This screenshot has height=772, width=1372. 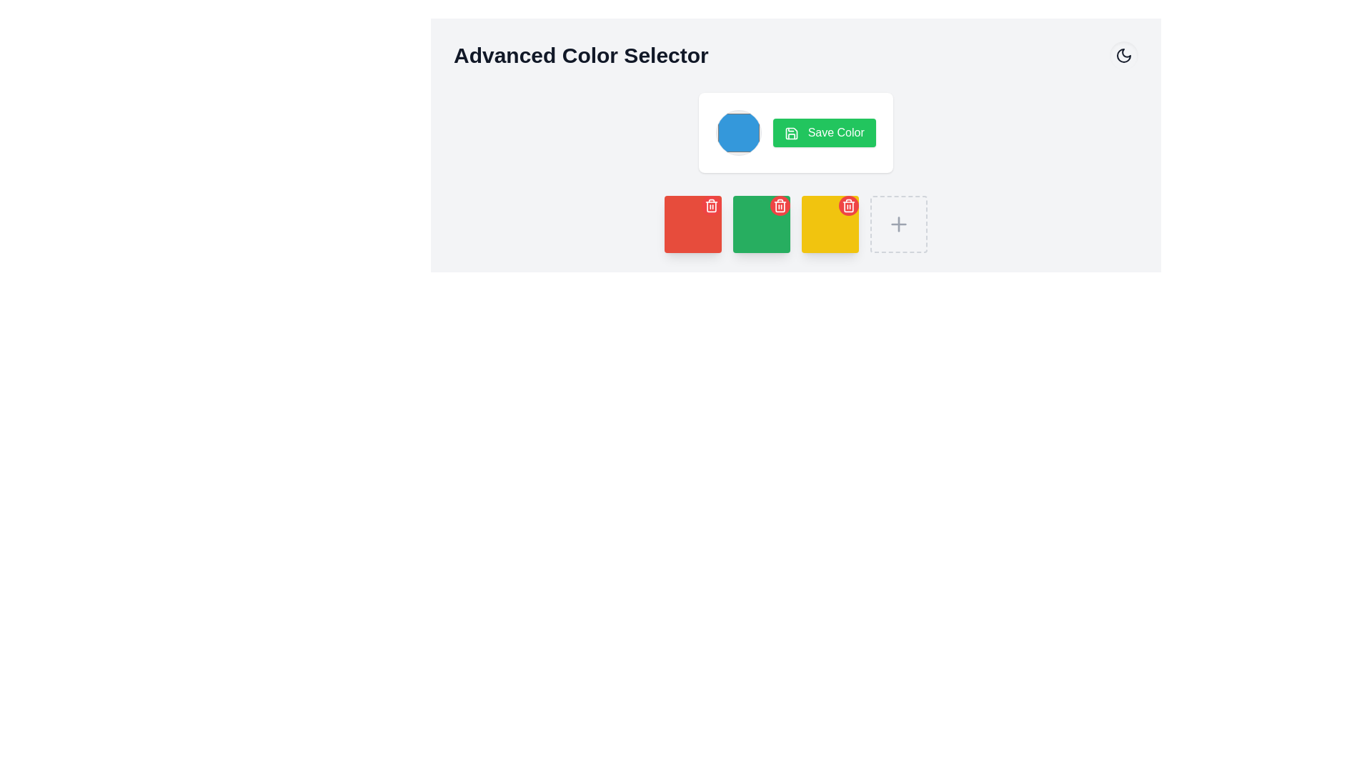 What do you see at coordinates (849, 206) in the screenshot?
I see `the small circular red button with a trash bin icon located at the top-right corner of the yellow square` at bounding box center [849, 206].